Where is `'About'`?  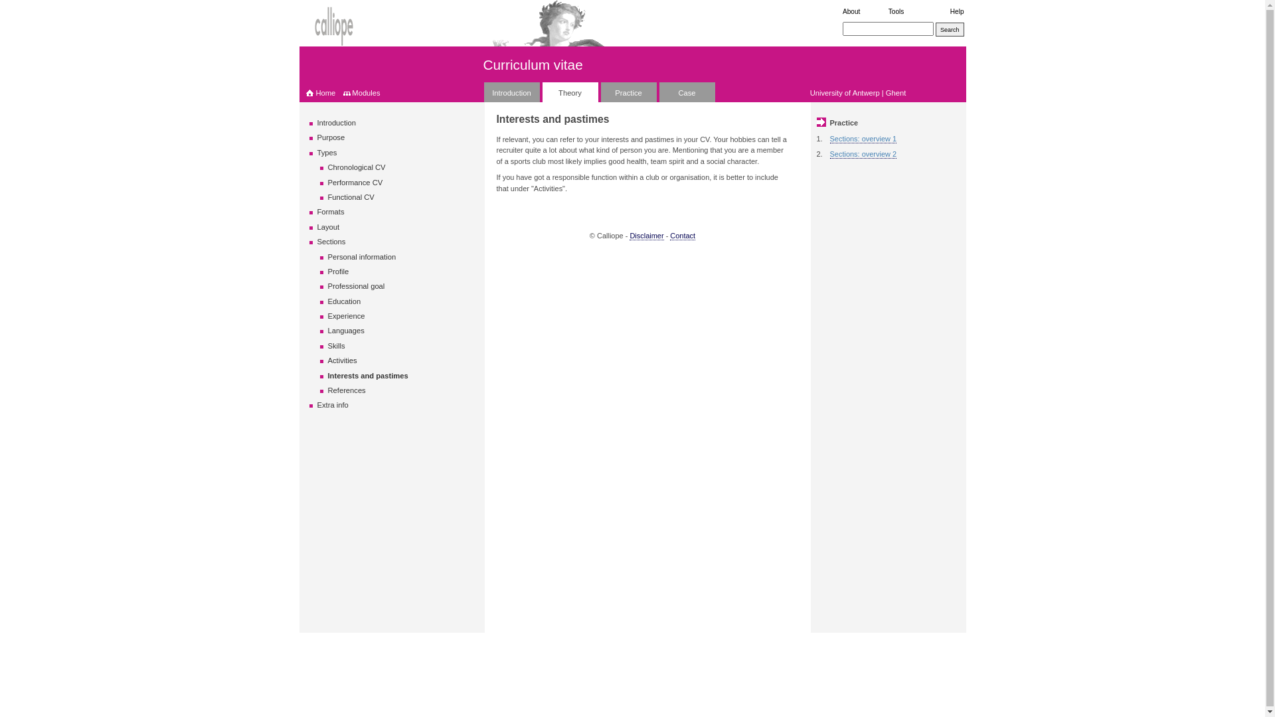 'About' is located at coordinates (851, 11).